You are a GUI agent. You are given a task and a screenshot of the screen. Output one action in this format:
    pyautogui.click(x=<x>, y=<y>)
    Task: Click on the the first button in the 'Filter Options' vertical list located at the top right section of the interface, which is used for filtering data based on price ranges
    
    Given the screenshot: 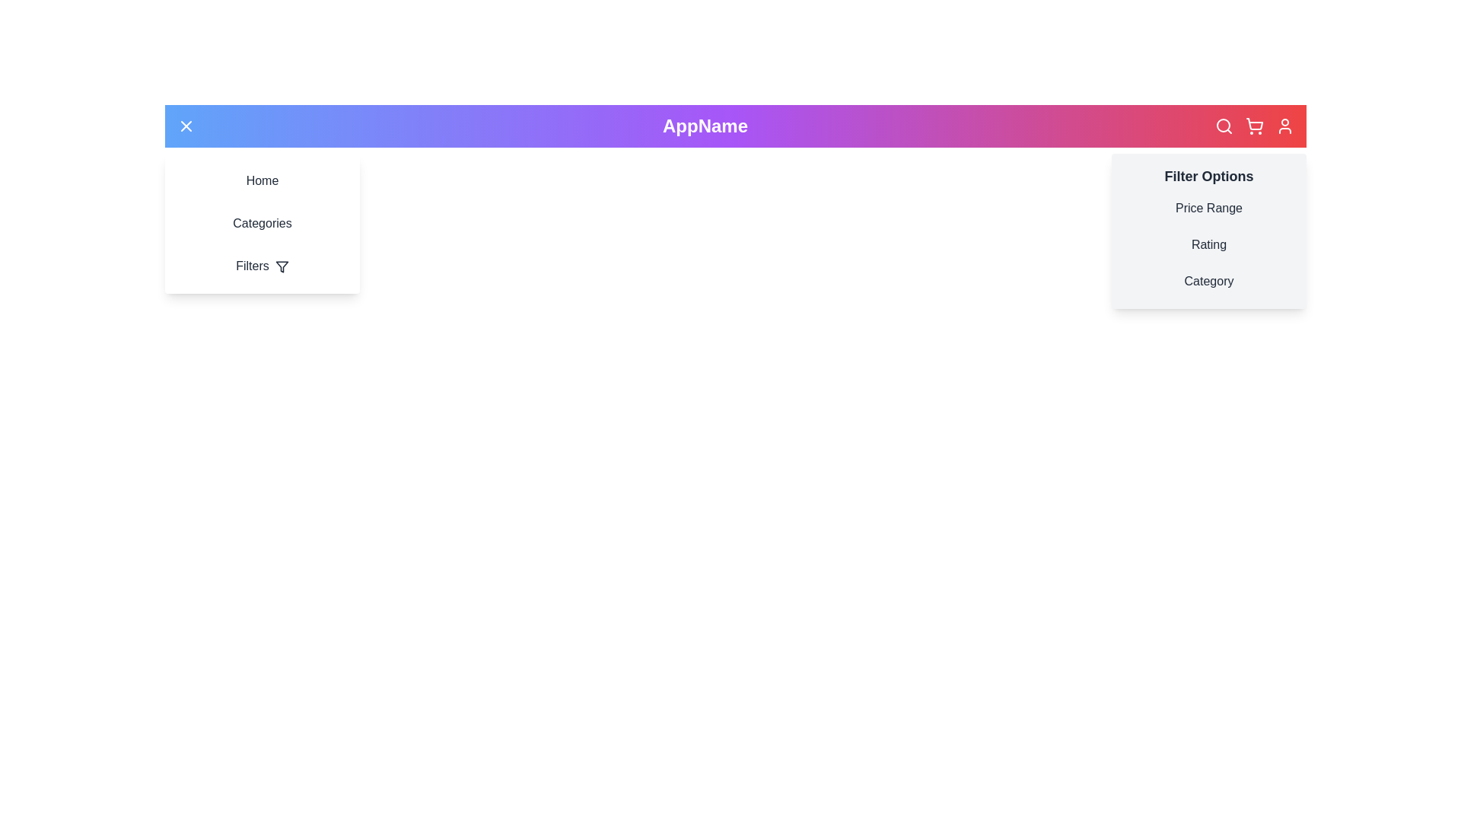 What is the action you would take?
    pyautogui.click(x=1208, y=208)
    